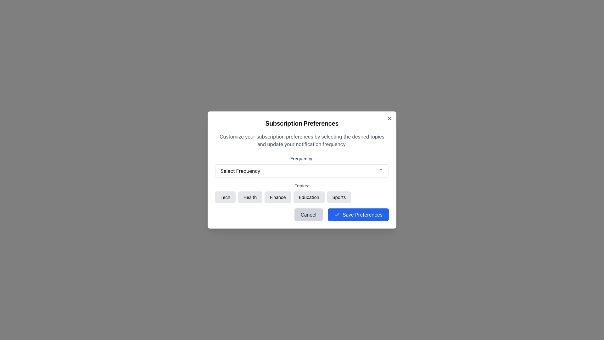  What do you see at coordinates (389, 118) in the screenshot?
I see `the close button located at the topmost right corner of the 'Subscription Preferences' panel` at bounding box center [389, 118].